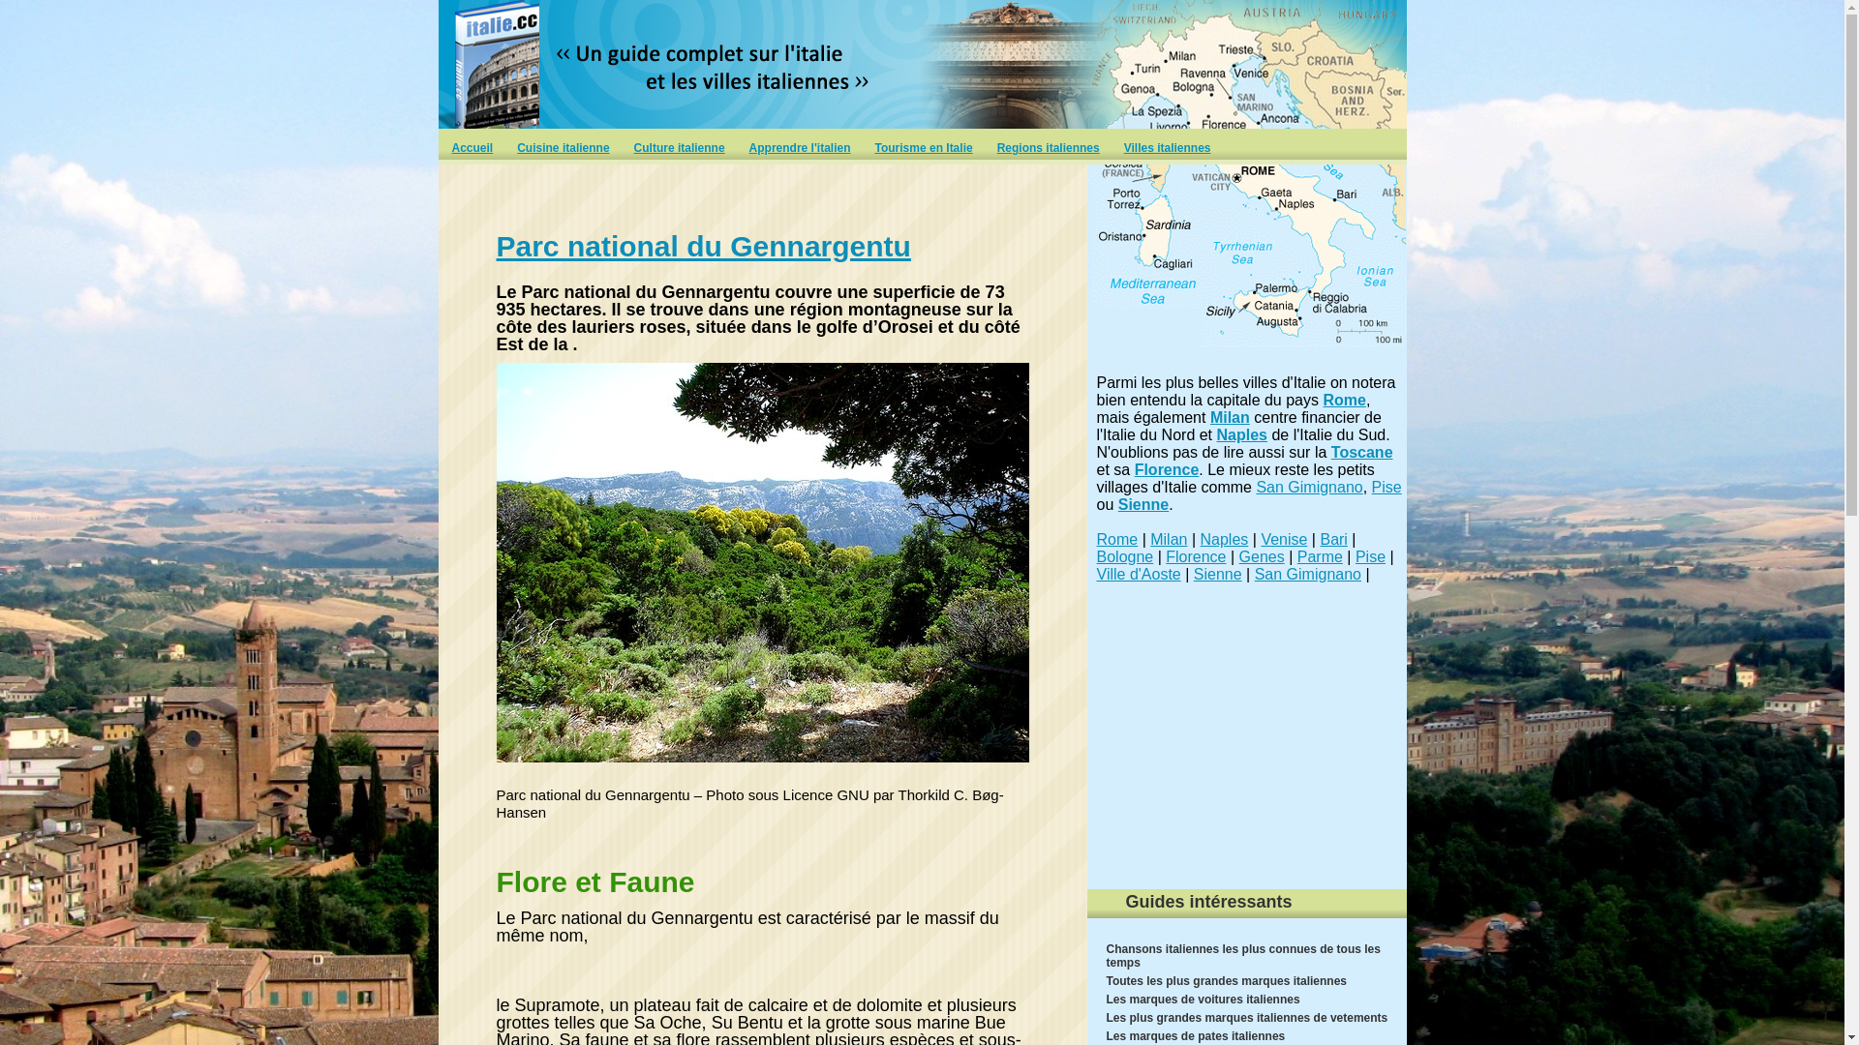  I want to click on 'Culture italienne', so click(679, 148).